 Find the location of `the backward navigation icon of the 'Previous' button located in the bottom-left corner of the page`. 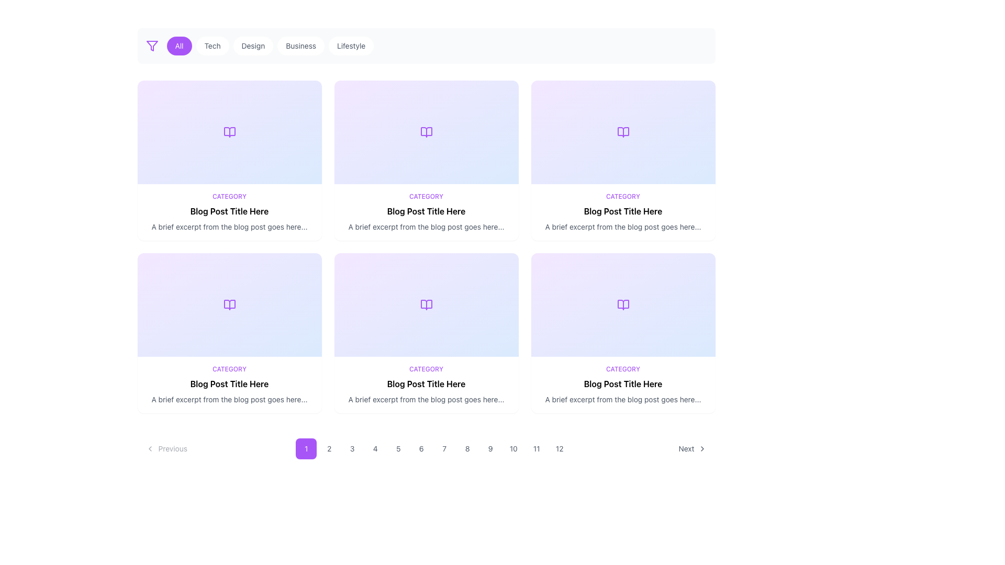

the backward navigation icon of the 'Previous' button located in the bottom-left corner of the page is located at coordinates (149, 448).